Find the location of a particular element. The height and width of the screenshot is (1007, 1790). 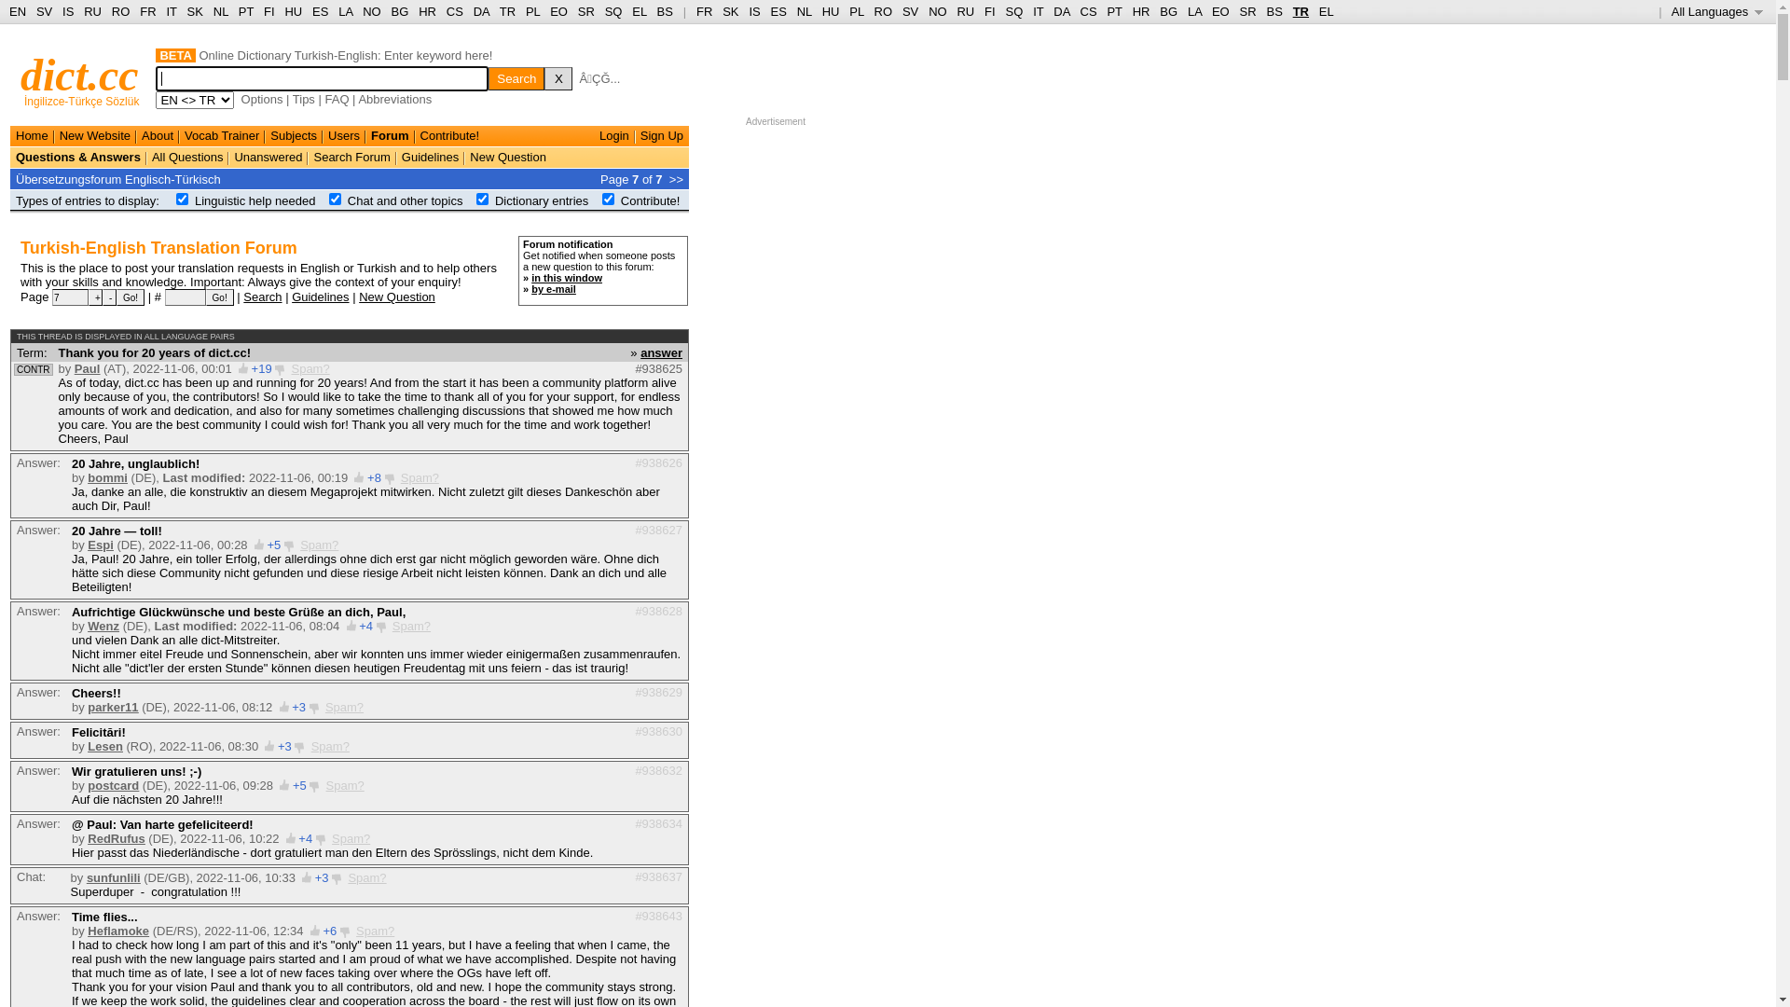

'FI' is located at coordinates (988, 11).